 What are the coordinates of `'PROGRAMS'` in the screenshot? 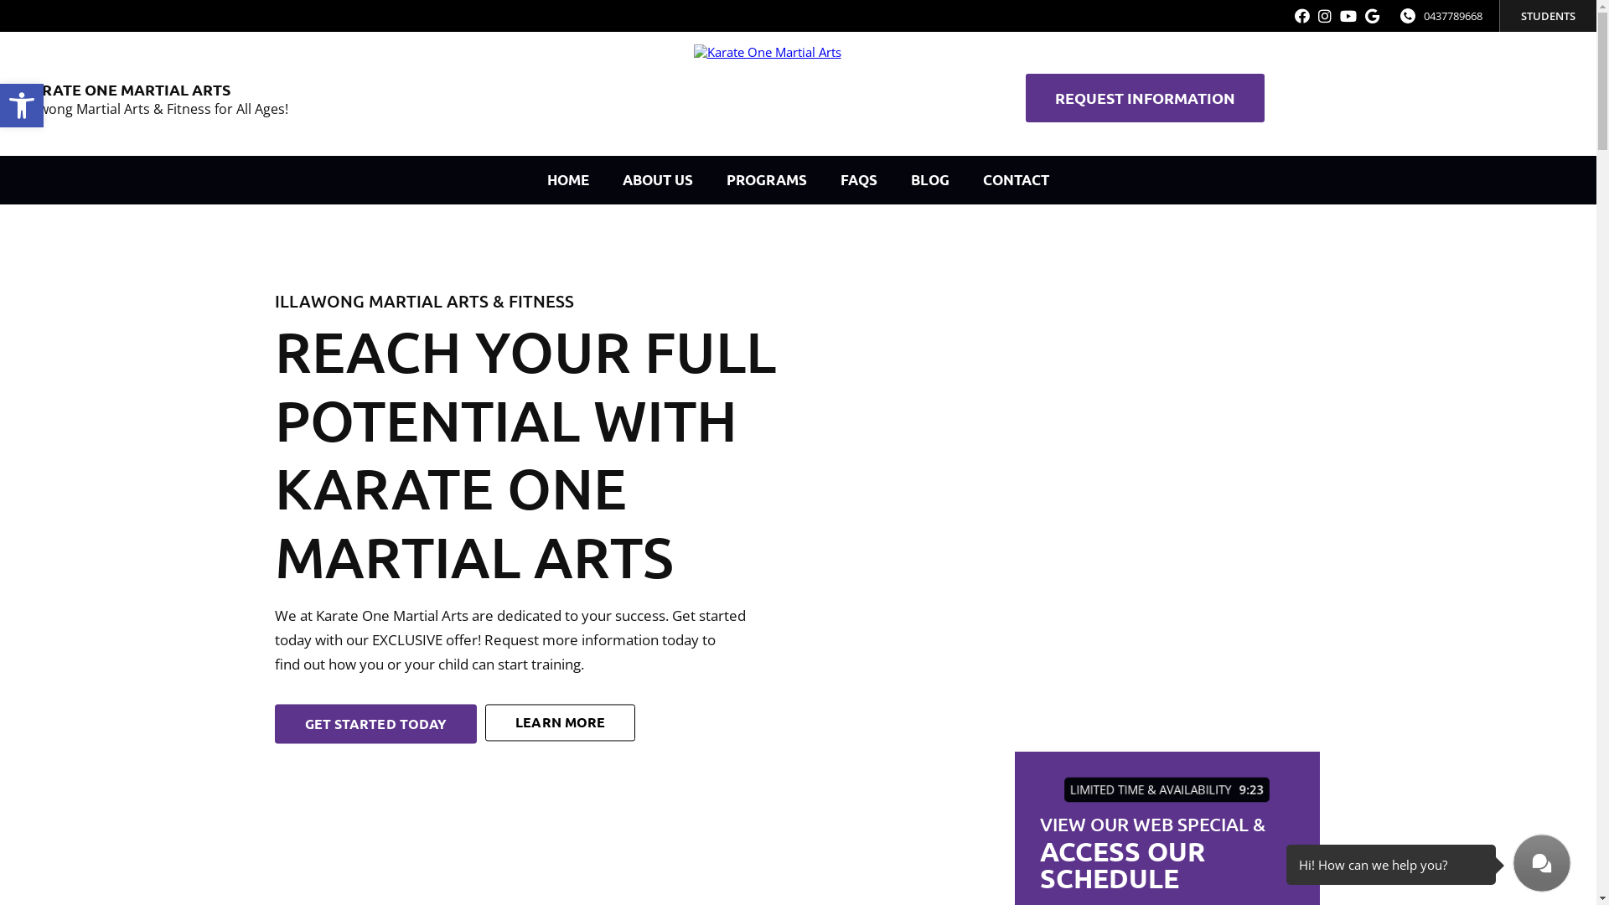 It's located at (709, 180).